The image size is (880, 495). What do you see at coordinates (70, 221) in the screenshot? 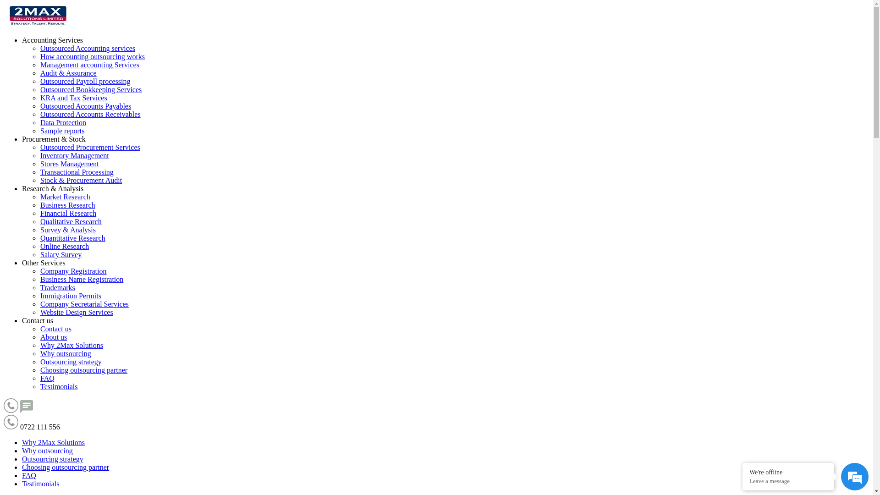
I see `'Qualitative Research'` at bounding box center [70, 221].